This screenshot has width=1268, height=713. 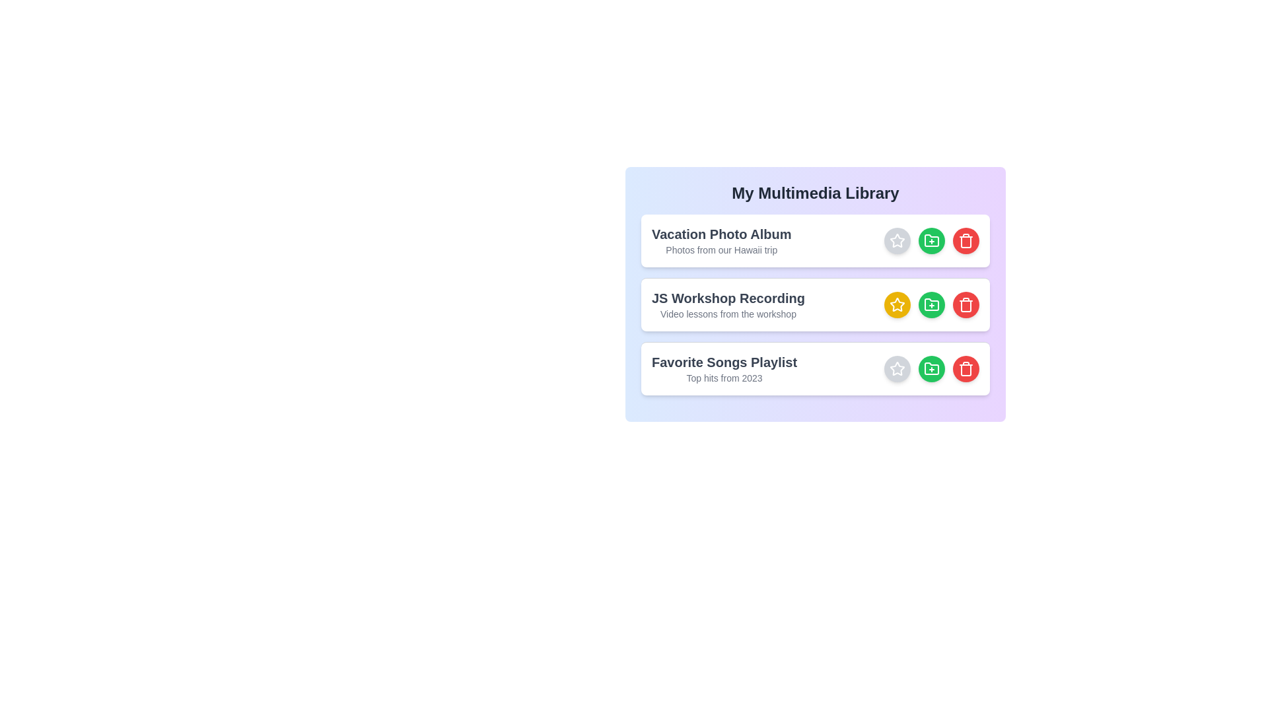 What do you see at coordinates (931, 241) in the screenshot?
I see `the second button from the left in the horizontal group of interactive buttons for keyboard navigation, associated with adding a new item to the 'Vacation Photo Album'` at bounding box center [931, 241].